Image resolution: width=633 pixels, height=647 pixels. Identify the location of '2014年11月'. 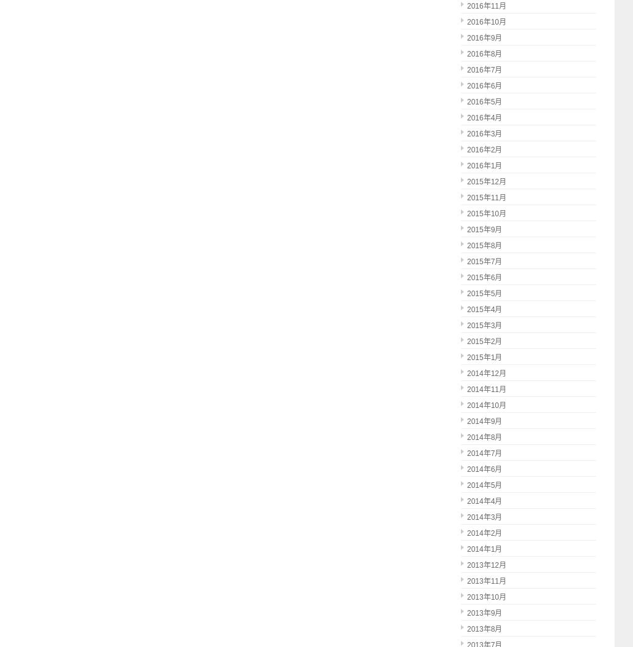
(486, 389).